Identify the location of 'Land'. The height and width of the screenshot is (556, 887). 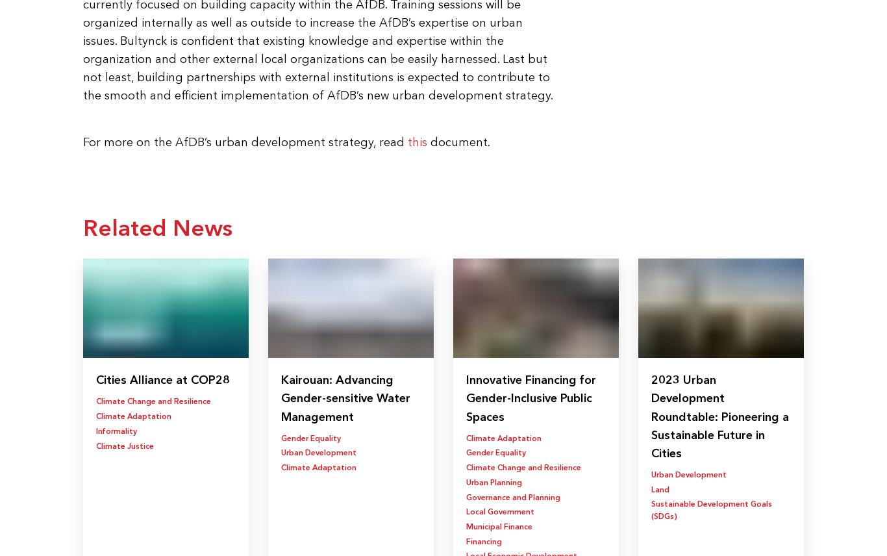
(660, 488).